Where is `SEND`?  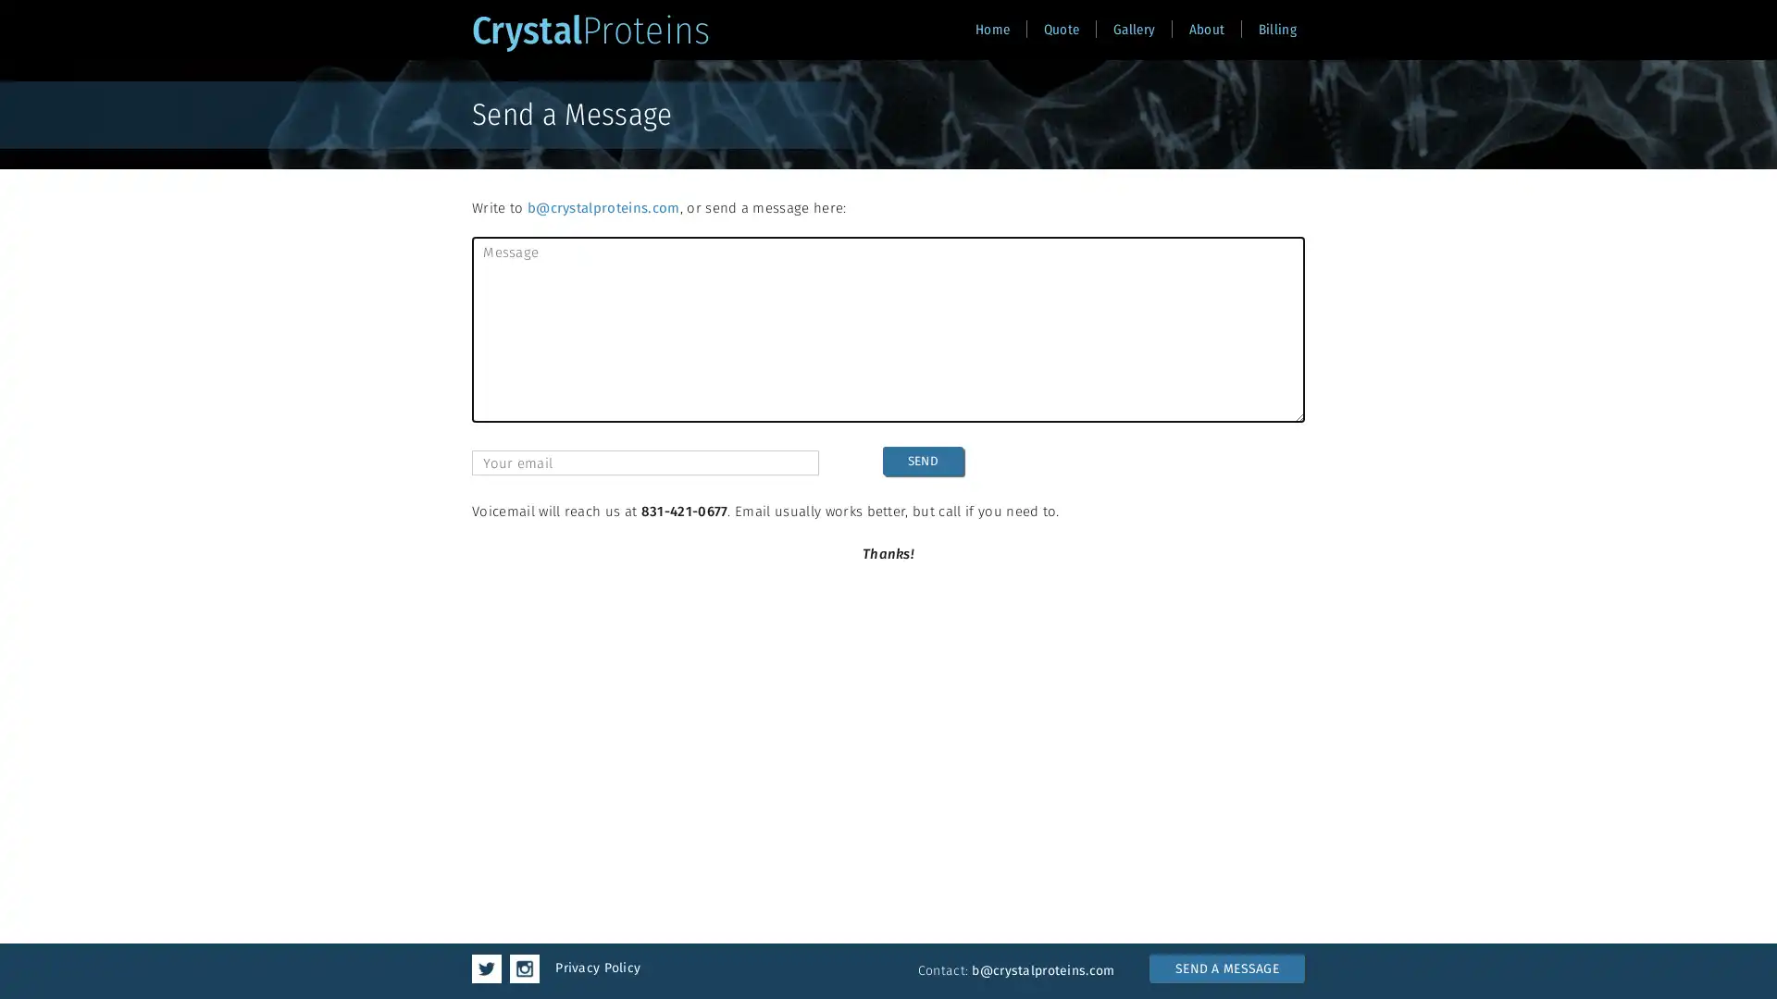 SEND is located at coordinates (923, 459).